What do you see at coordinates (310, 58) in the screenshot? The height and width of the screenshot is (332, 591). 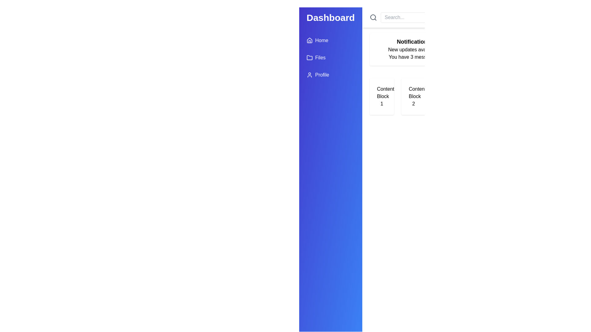 I see `the folder icon in the left sidebar menu` at bounding box center [310, 58].